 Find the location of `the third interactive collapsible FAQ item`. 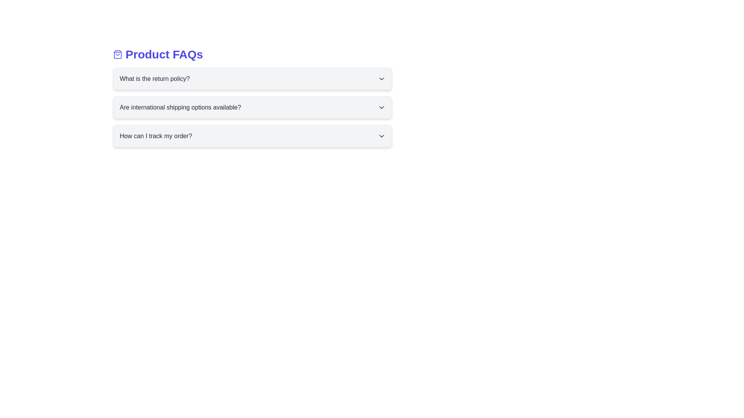

the third interactive collapsible FAQ item is located at coordinates (253, 135).